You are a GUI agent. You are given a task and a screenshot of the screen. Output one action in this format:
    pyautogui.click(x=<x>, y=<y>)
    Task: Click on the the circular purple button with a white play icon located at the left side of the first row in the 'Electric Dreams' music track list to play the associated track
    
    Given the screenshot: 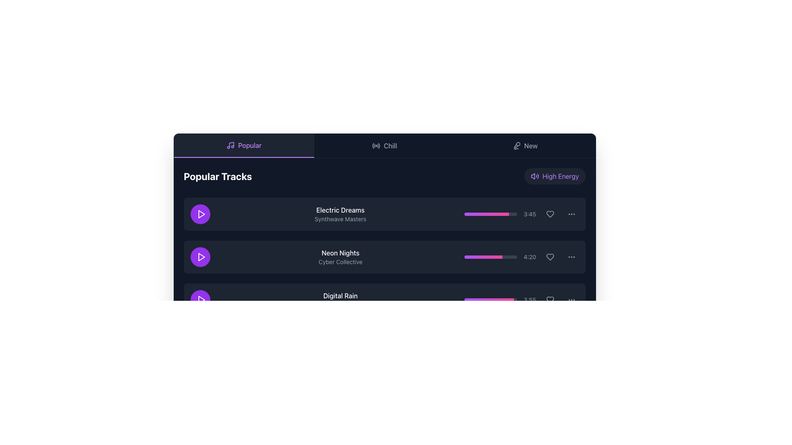 What is the action you would take?
    pyautogui.click(x=200, y=214)
    